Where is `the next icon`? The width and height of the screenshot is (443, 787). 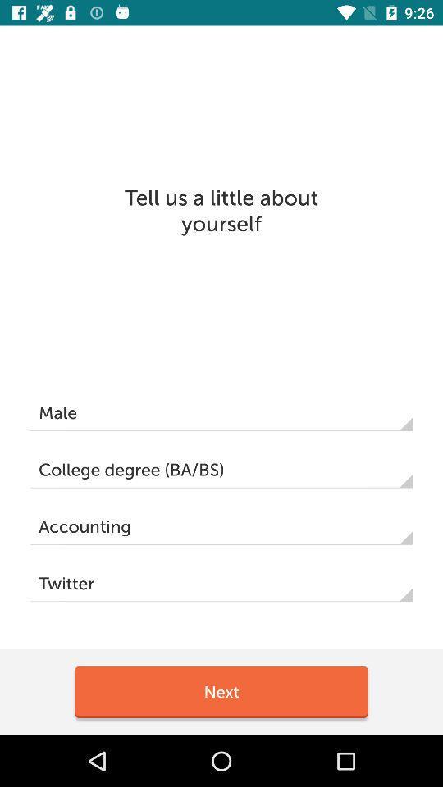
the next icon is located at coordinates (221, 691).